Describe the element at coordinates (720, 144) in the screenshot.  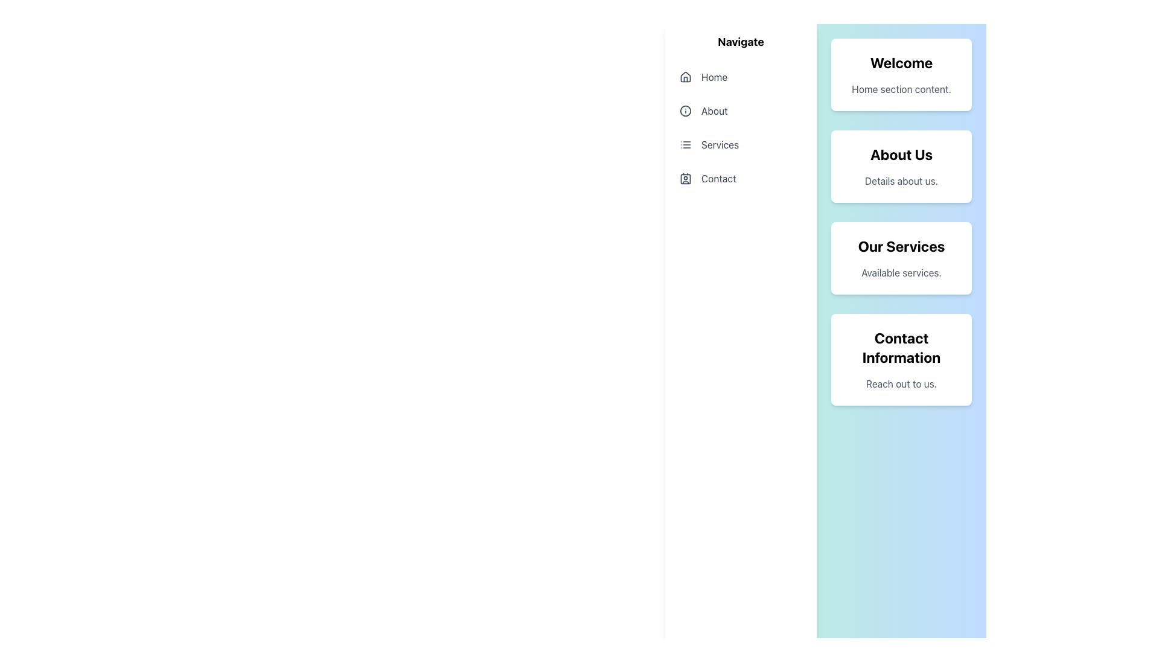
I see `the 'Services' menu item in the navigation panel` at that location.